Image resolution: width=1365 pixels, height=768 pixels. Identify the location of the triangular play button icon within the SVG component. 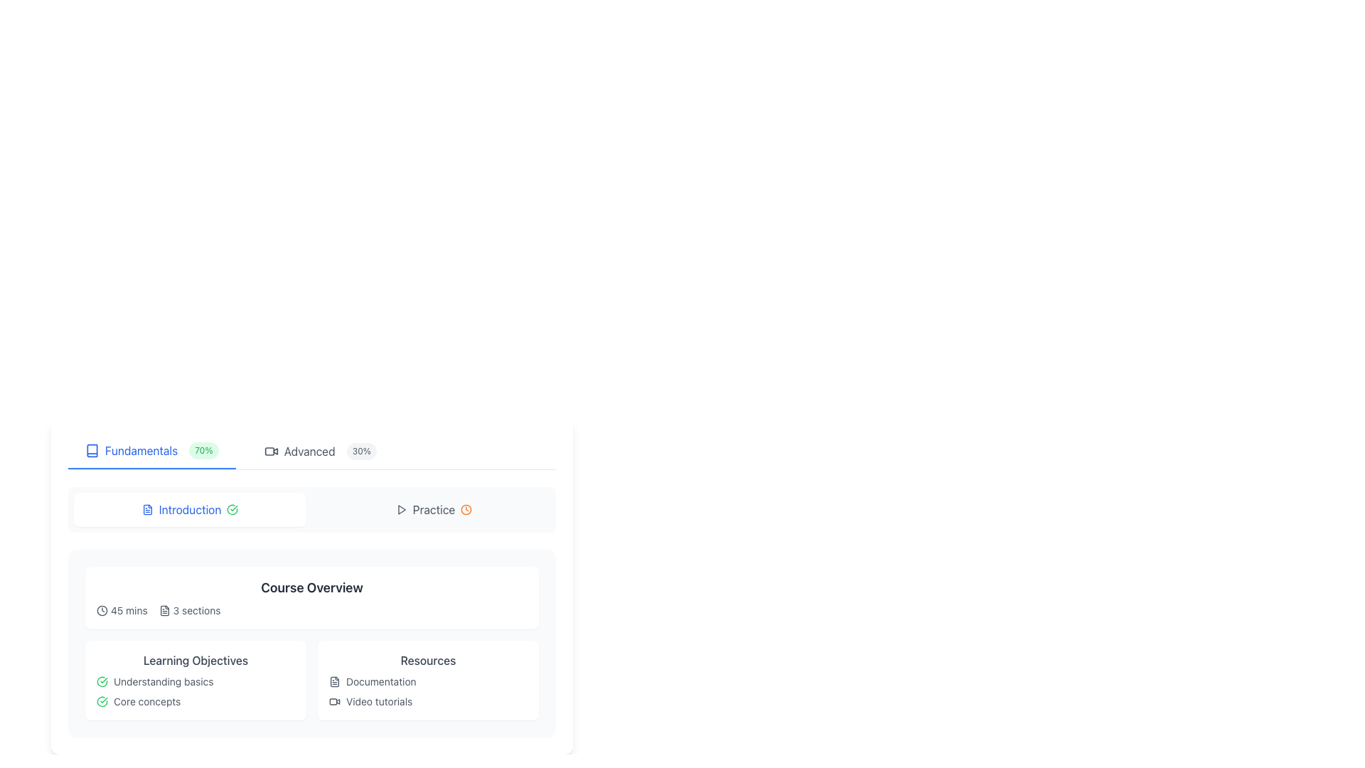
(401, 509).